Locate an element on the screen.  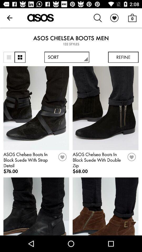
on favorites is located at coordinates (62, 159).